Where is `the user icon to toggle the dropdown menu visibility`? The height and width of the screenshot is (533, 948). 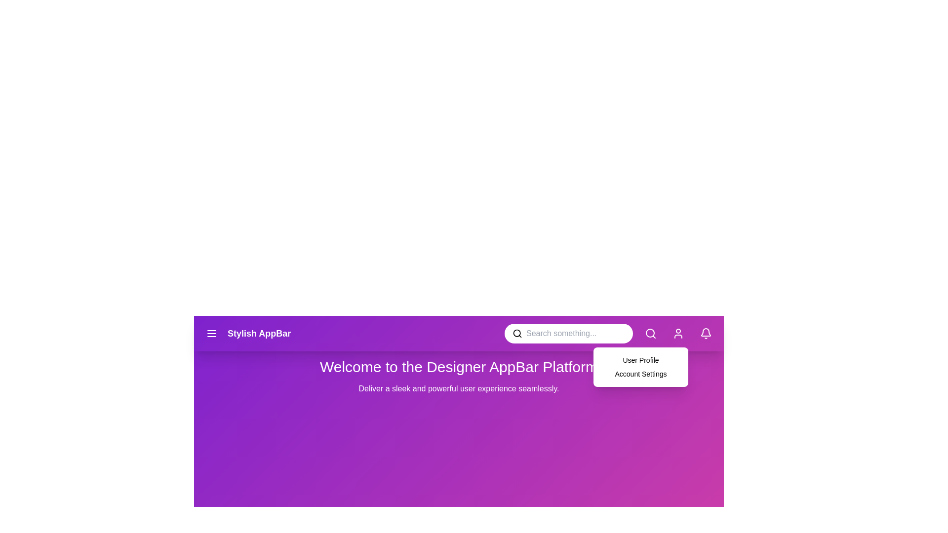 the user icon to toggle the dropdown menu visibility is located at coordinates (677, 333).